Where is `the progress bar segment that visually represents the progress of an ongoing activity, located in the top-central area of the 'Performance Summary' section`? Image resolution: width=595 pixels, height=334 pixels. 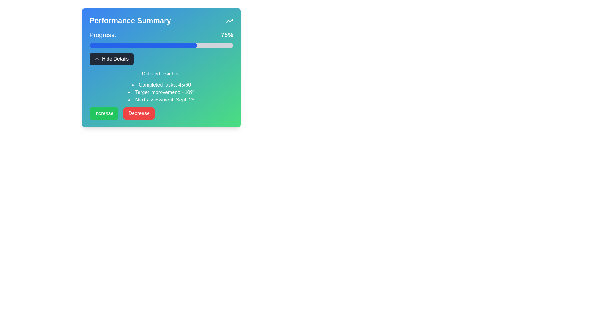 the progress bar segment that visually represents the progress of an ongoing activity, located in the top-central area of the 'Performance Summary' section is located at coordinates (143, 45).